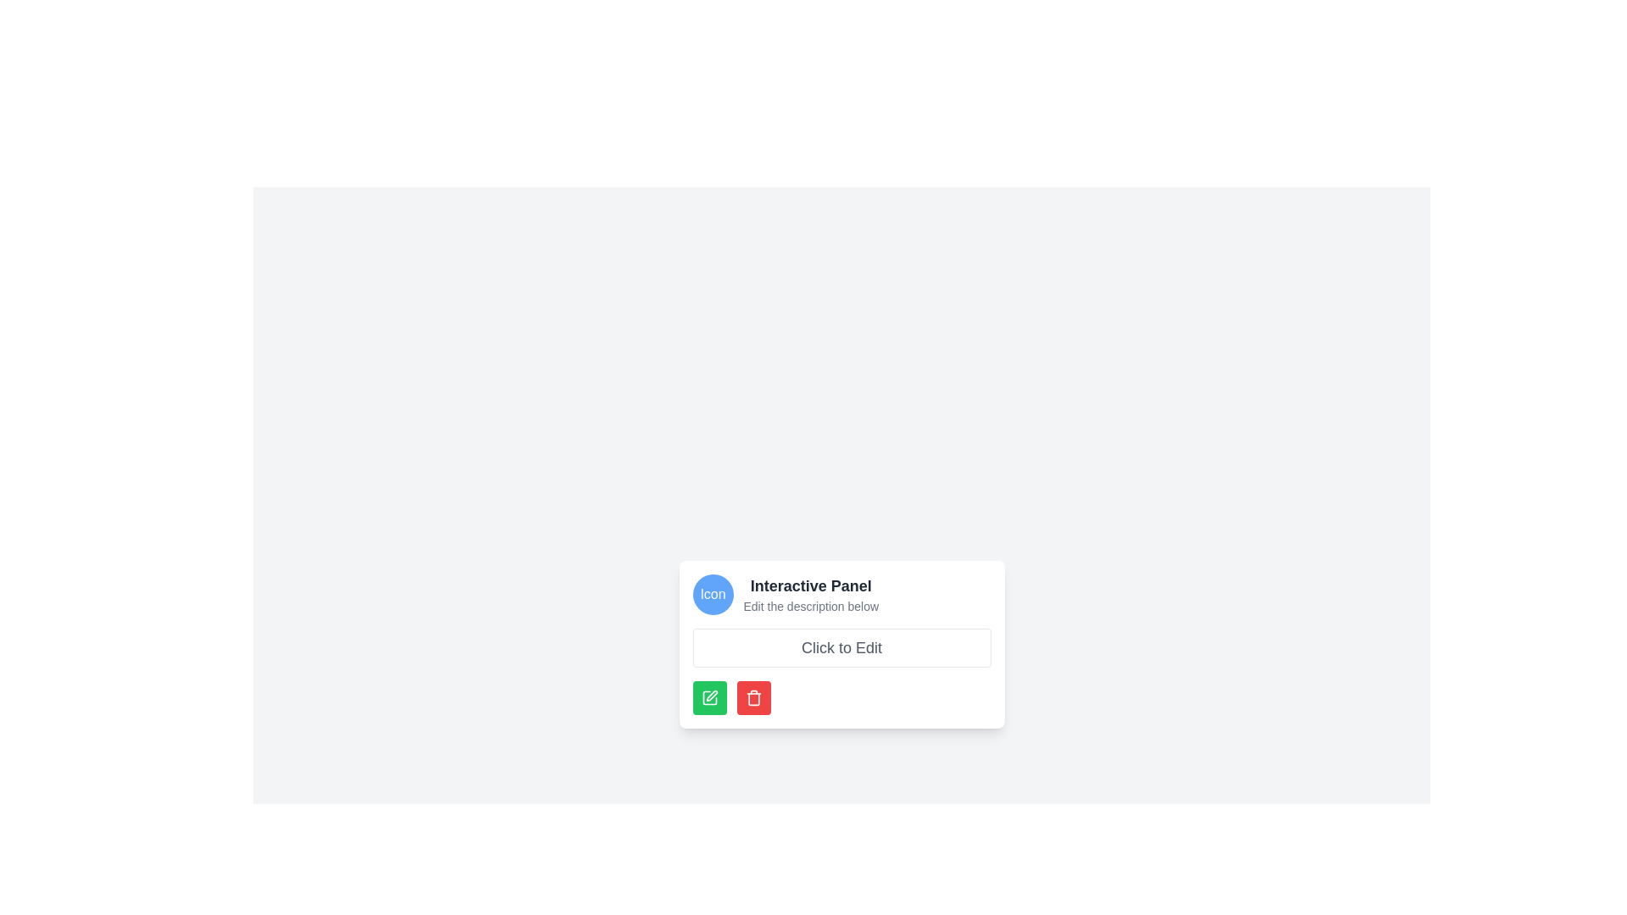  Describe the element at coordinates (709, 698) in the screenshot. I see `the green button located at the bottom left of the interface panel, which contains the decorative SVG icon indicating an action` at that location.